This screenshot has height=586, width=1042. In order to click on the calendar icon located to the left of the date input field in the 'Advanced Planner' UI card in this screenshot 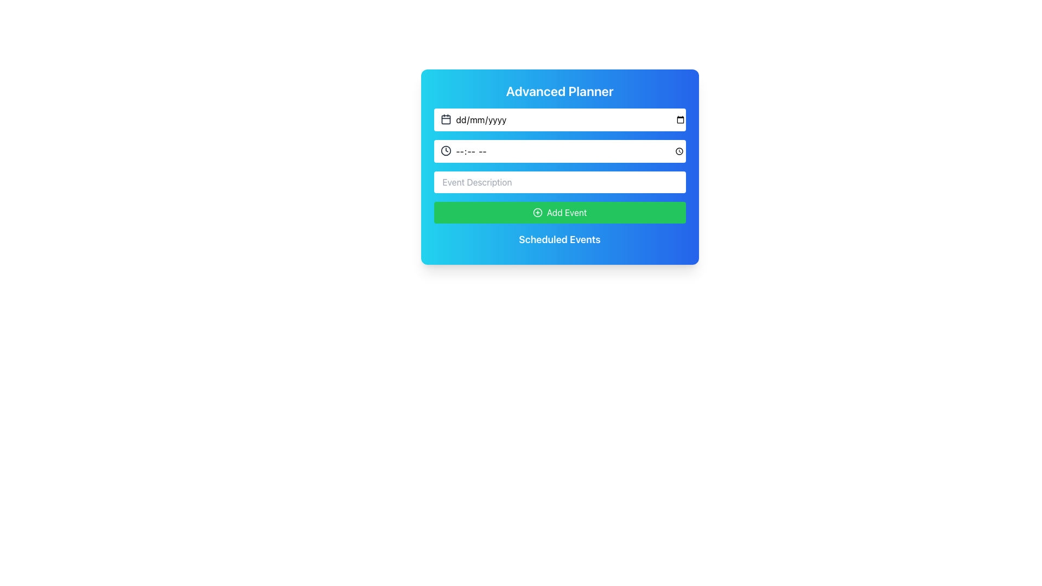, I will do `click(446, 119)`.